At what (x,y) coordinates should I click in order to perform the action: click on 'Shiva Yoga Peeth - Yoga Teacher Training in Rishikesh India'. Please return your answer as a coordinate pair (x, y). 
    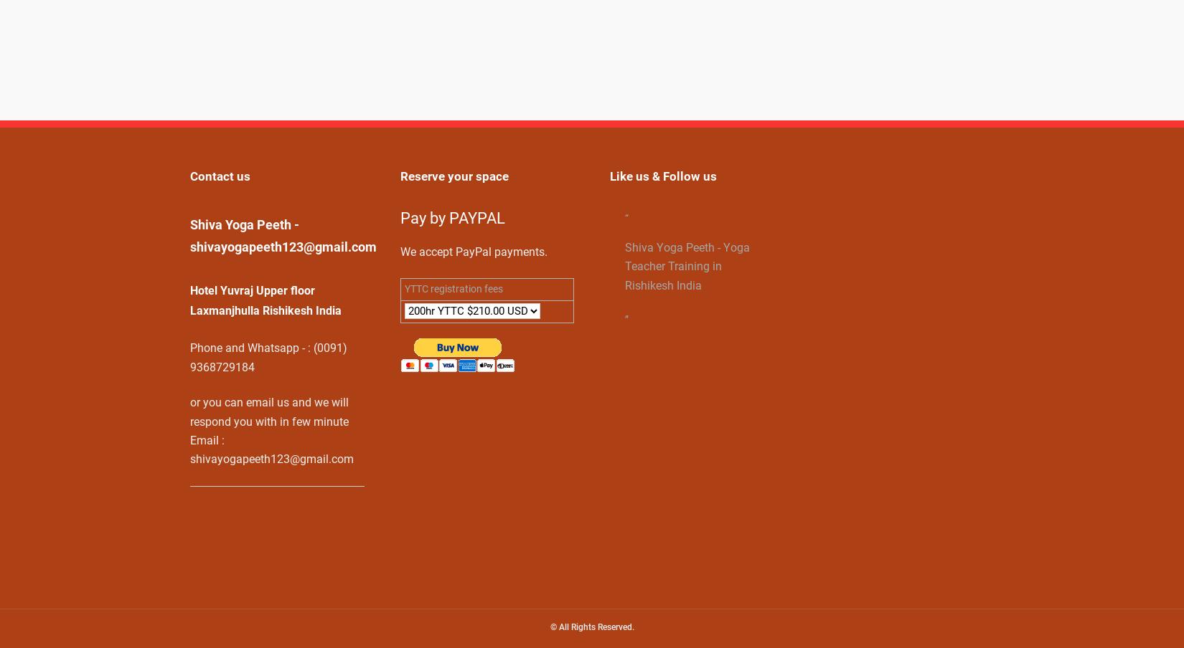
    Looking at the image, I should click on (687, 265).